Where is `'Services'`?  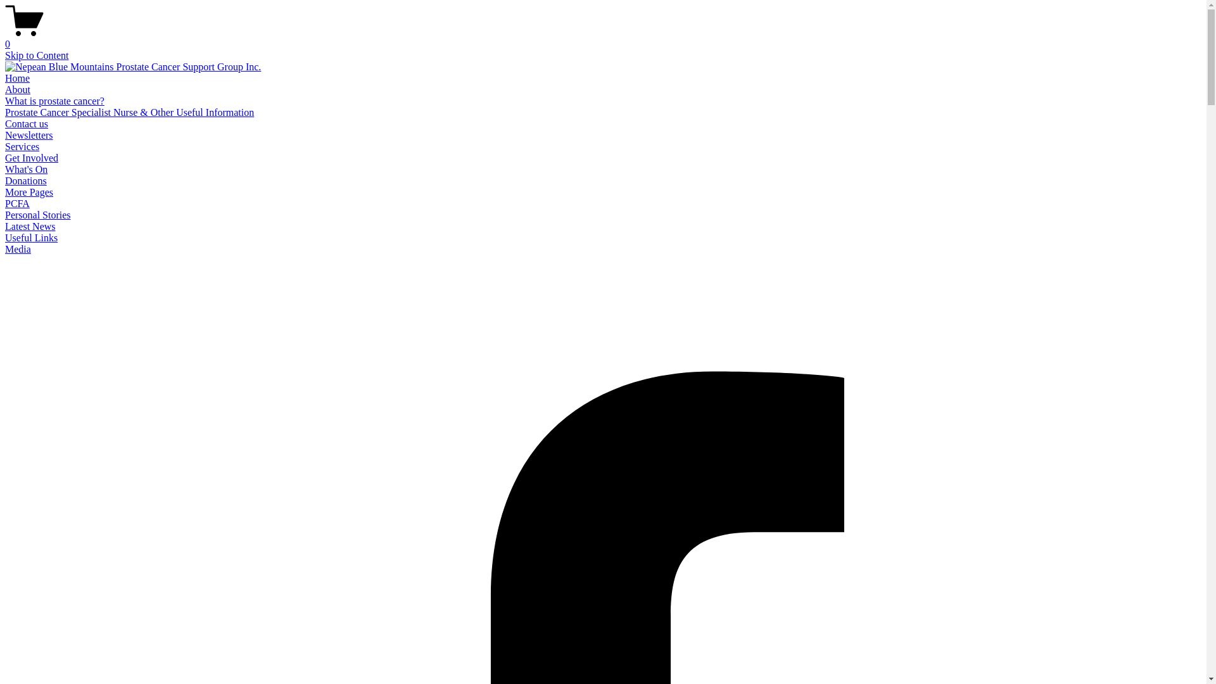 'Services' is located at coordinates (22, 146).